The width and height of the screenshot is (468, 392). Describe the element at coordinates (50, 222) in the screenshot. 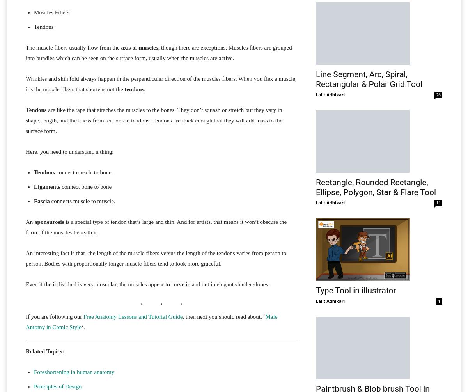

I see `'aponeurosis'` at that location.